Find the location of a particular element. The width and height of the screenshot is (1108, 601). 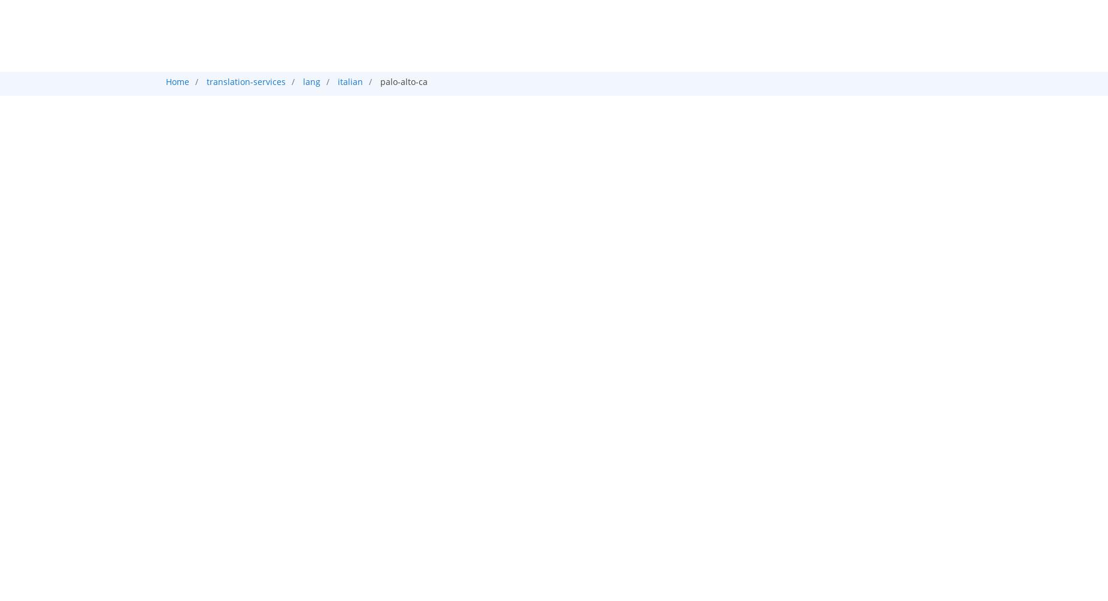

'From the vast global locations, we have registered our strong presence in various parts of the world including the major locations that are listed below' is located at coordinates (513, 315).